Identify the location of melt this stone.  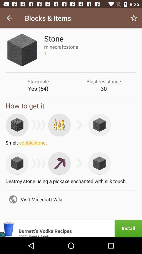
(59, 125).